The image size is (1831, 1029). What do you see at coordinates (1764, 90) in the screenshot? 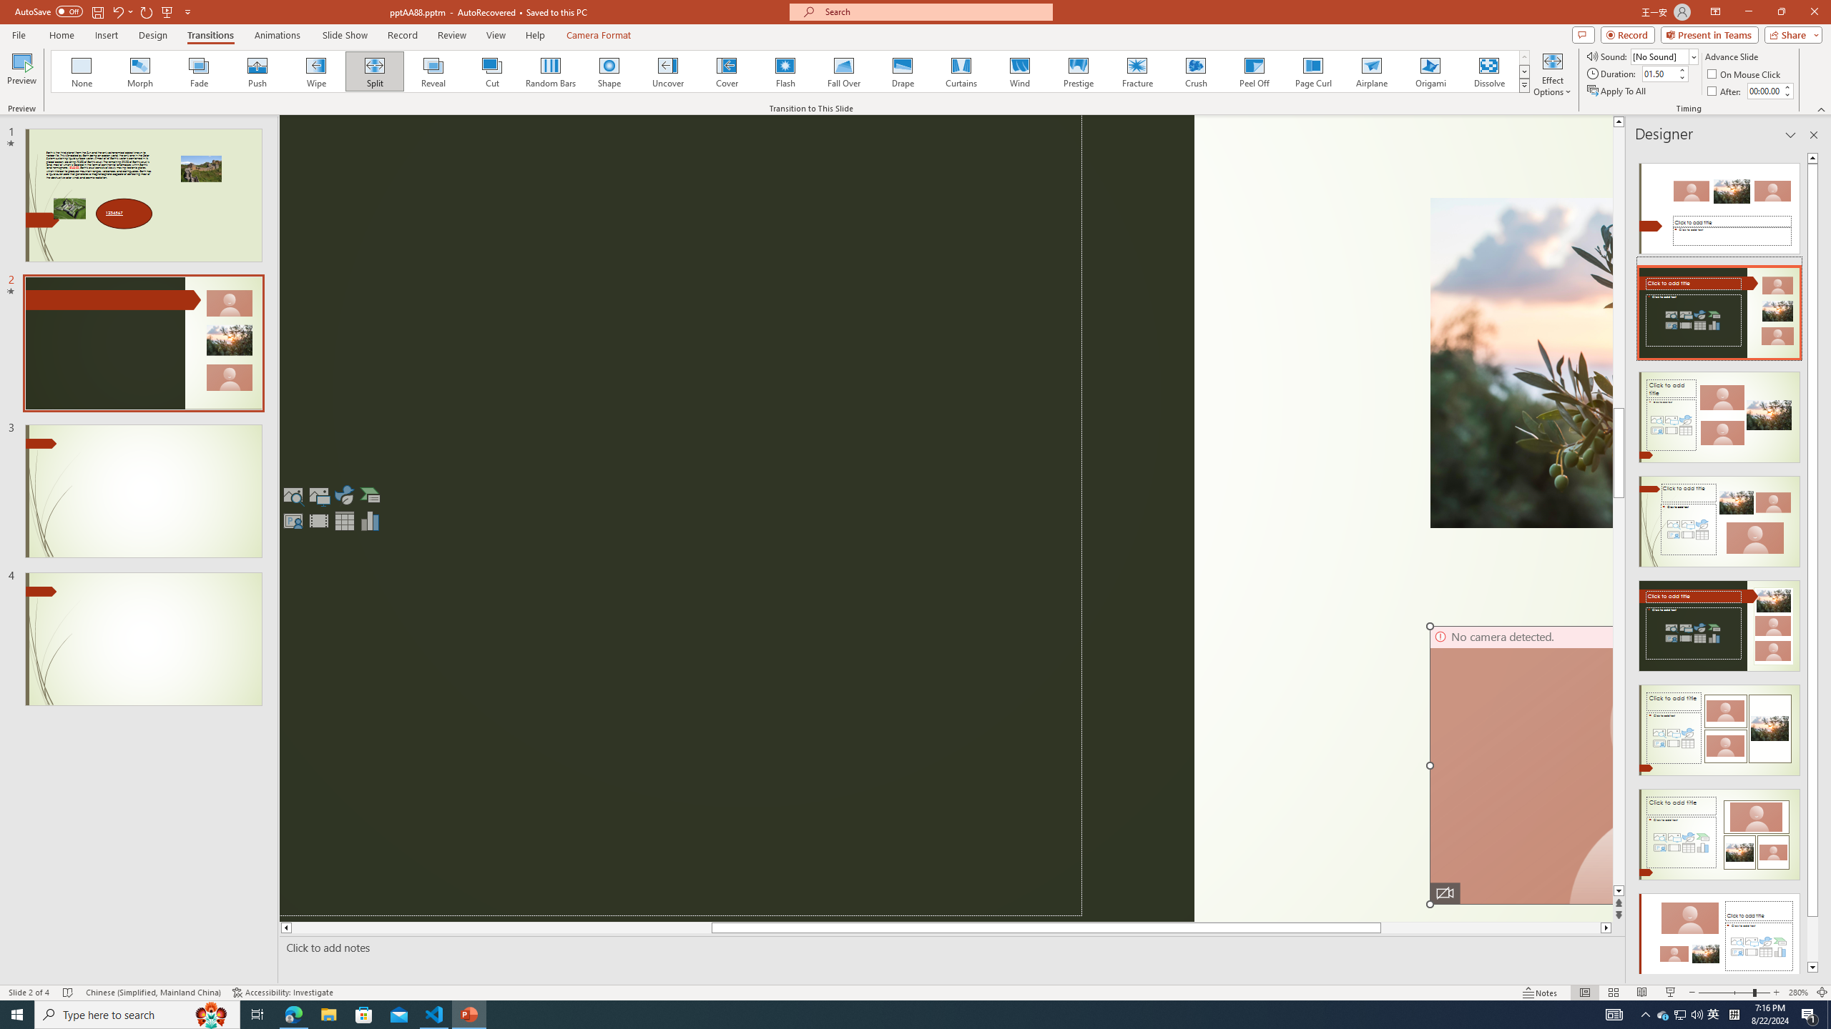
I see `'After'` at bounding box center [1764, 90].